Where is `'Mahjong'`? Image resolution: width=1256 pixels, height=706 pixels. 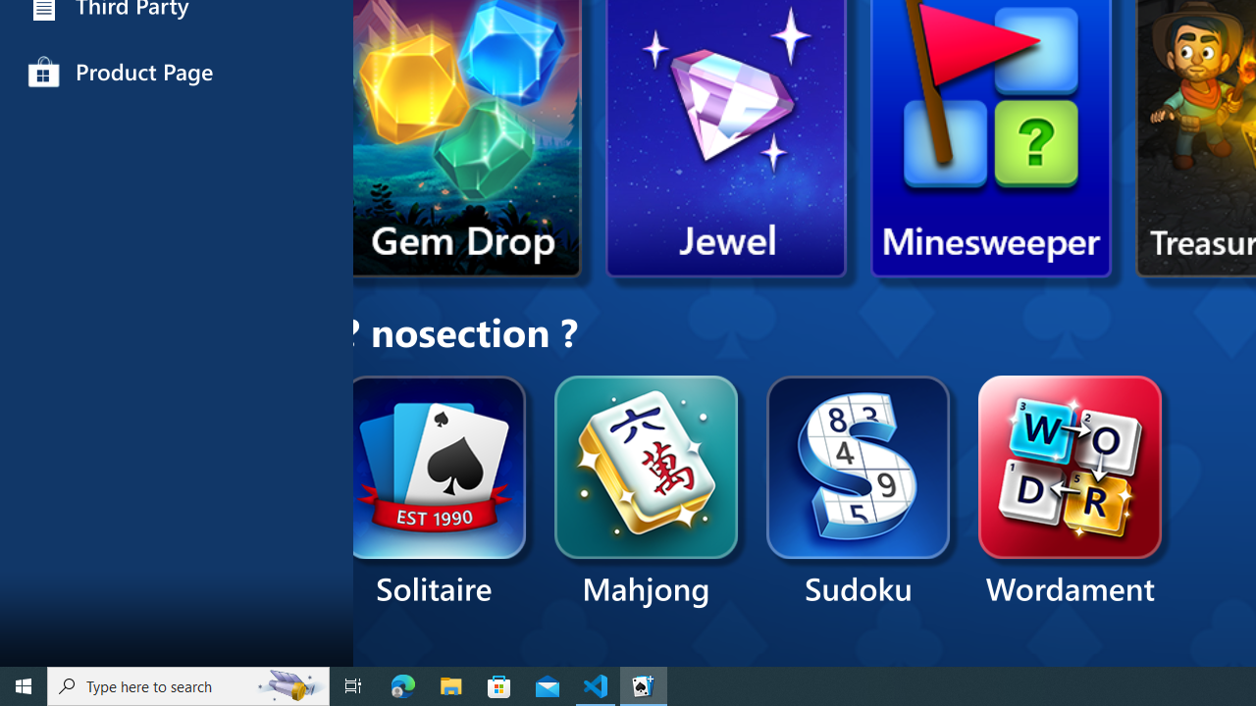
'Mahjong' is located at coordinates (647, 491).